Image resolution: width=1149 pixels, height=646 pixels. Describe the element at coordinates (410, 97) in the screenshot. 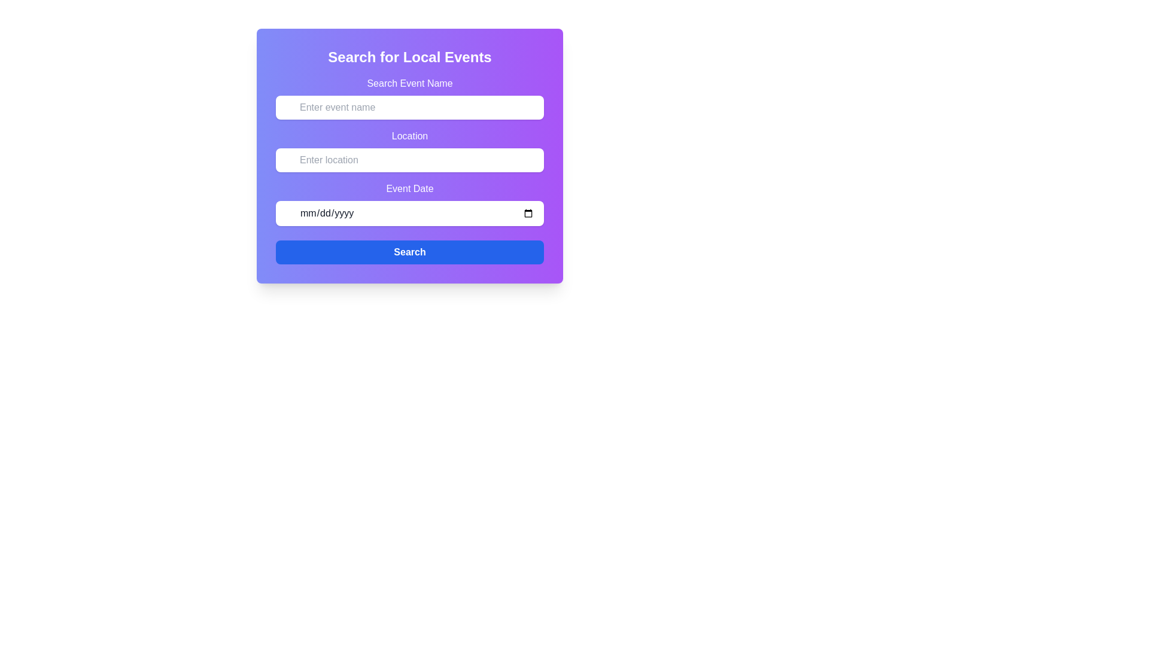

I see `the 'Search Event Name' label, which is positioned above the input field in the 'Search for Local Events' form` at that location.